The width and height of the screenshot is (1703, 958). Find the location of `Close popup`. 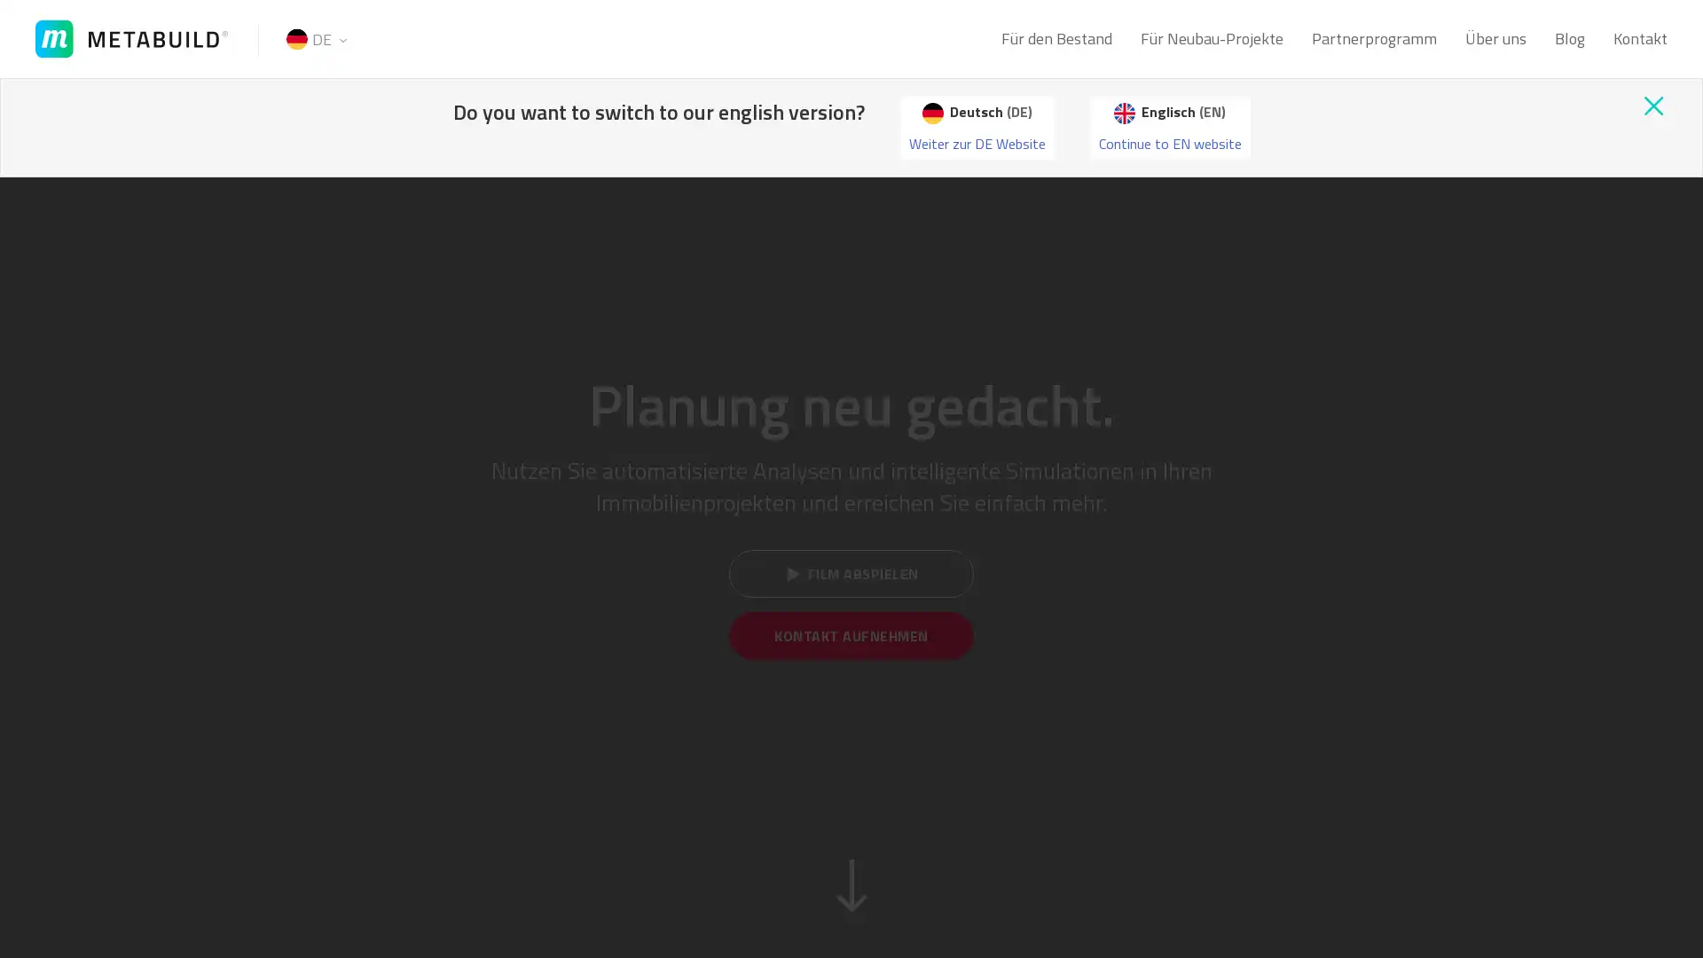

Close popup is located at coordinates (1652, 106).